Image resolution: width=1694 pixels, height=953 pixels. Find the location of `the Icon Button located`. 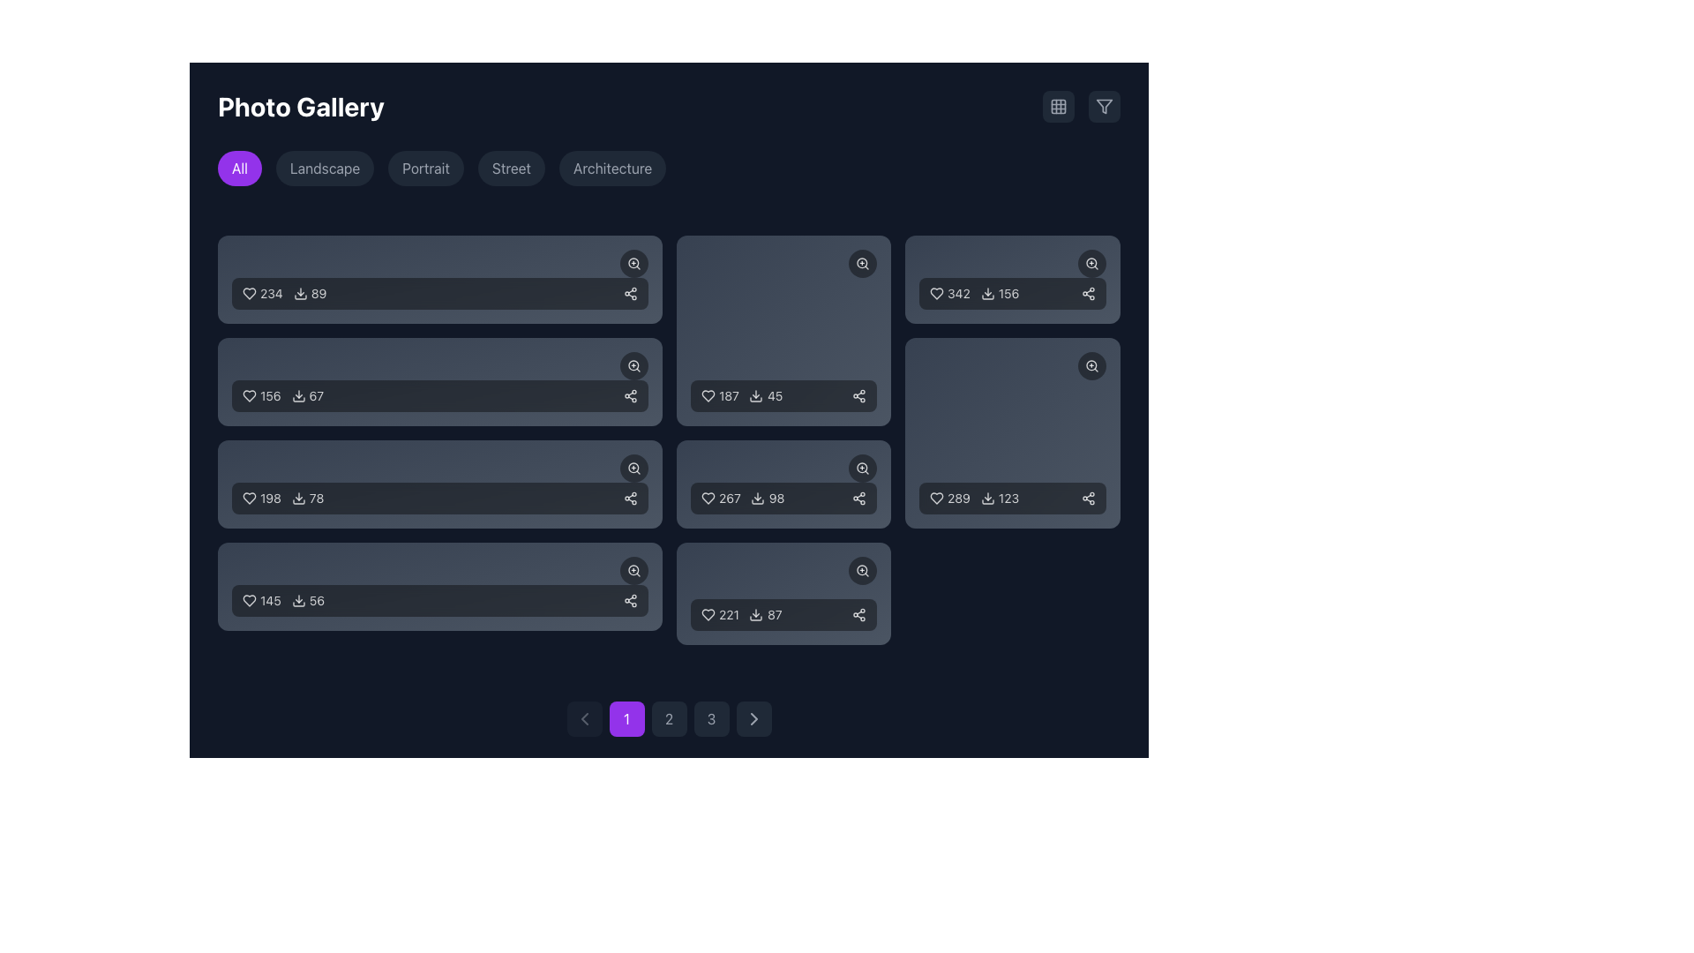

the Icon Button located is located at coordinates (630, 498).